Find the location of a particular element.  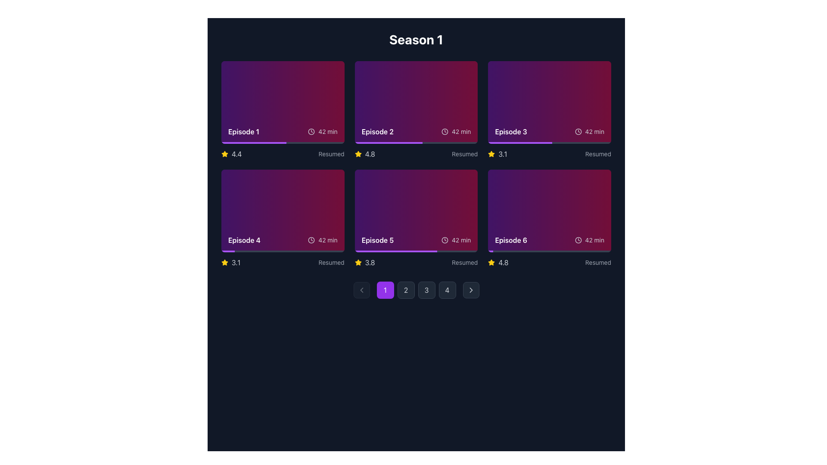

text label displaying 'Resumed', which is styled in gray and positioned below the fifth episode card is located at coordinates (464, 262).